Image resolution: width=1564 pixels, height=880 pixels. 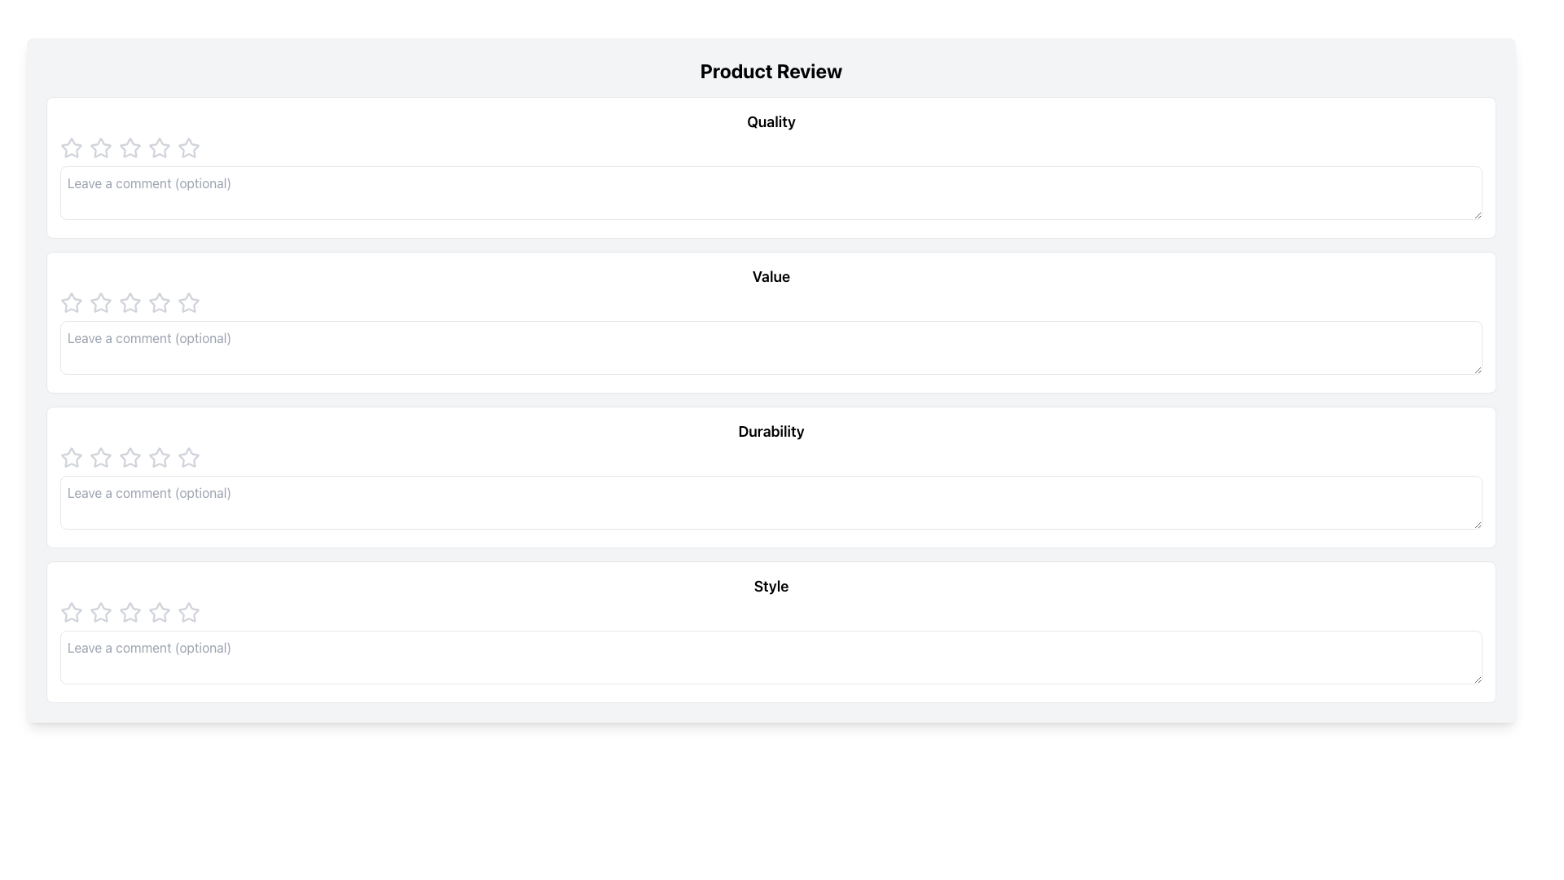 What do you see at coordinates (129, 147) in the screenshot?
I see `the second star in the rating system under the 'Quality' section` at bounding box center [129, 147].